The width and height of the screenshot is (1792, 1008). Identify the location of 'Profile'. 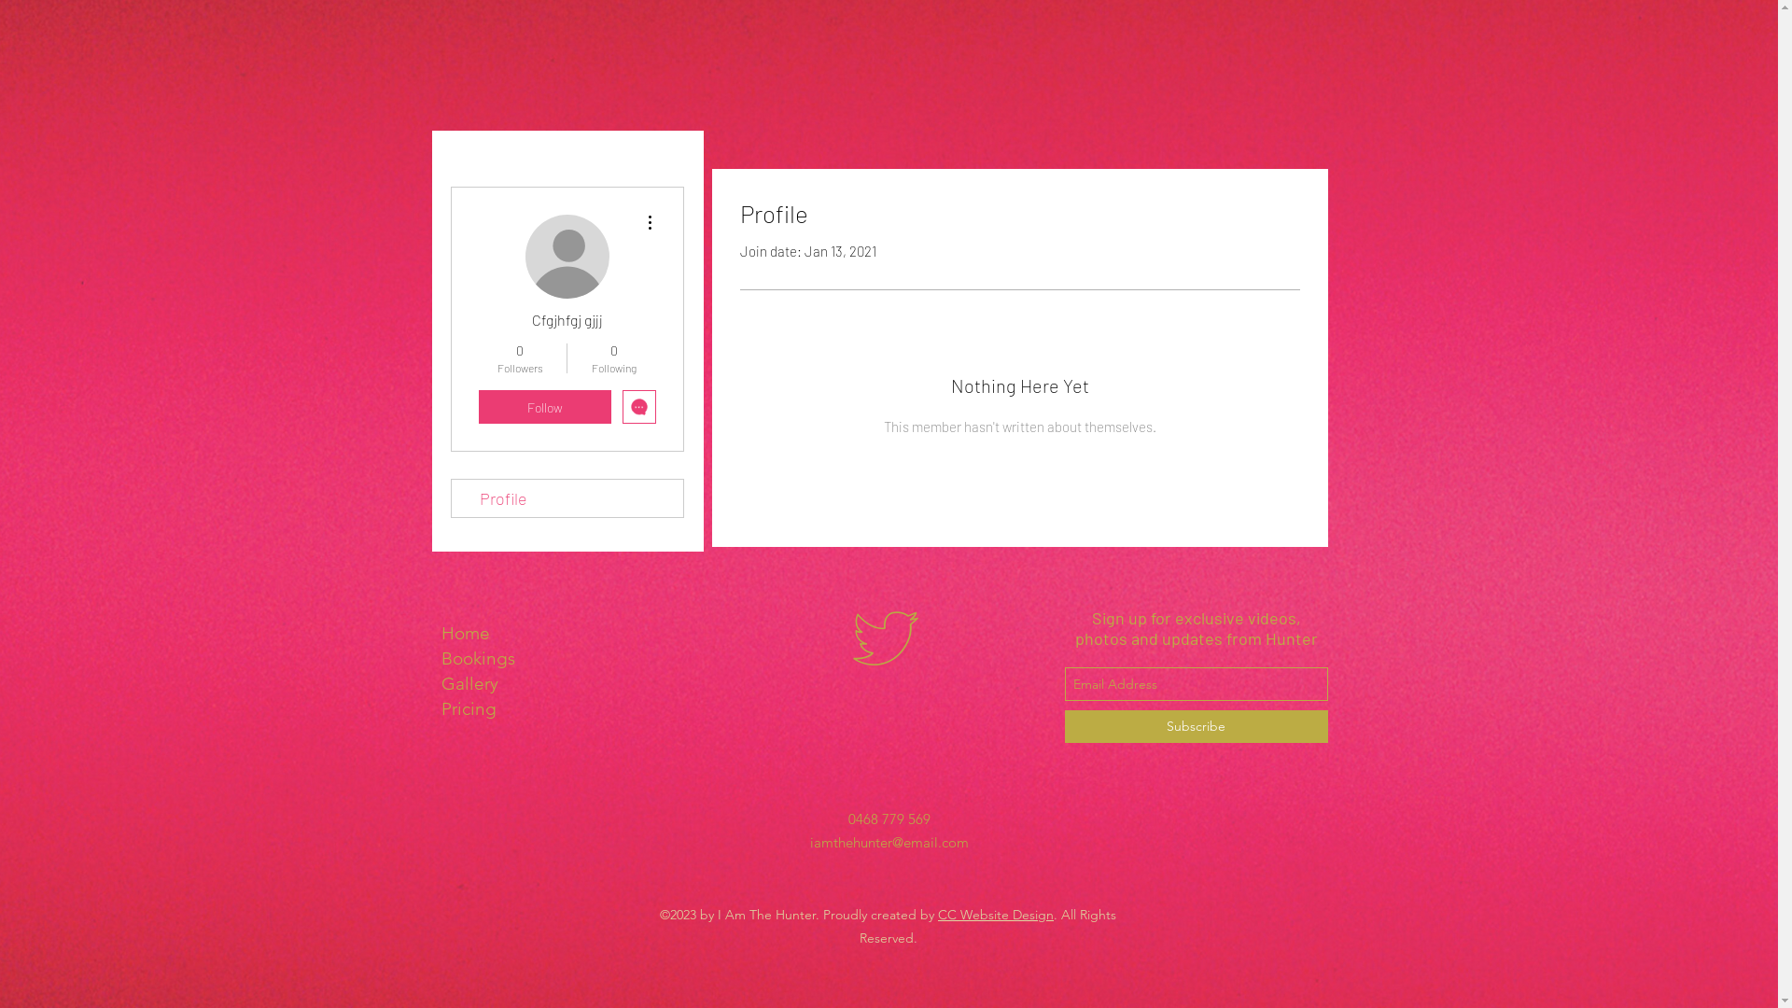
(452, 497).